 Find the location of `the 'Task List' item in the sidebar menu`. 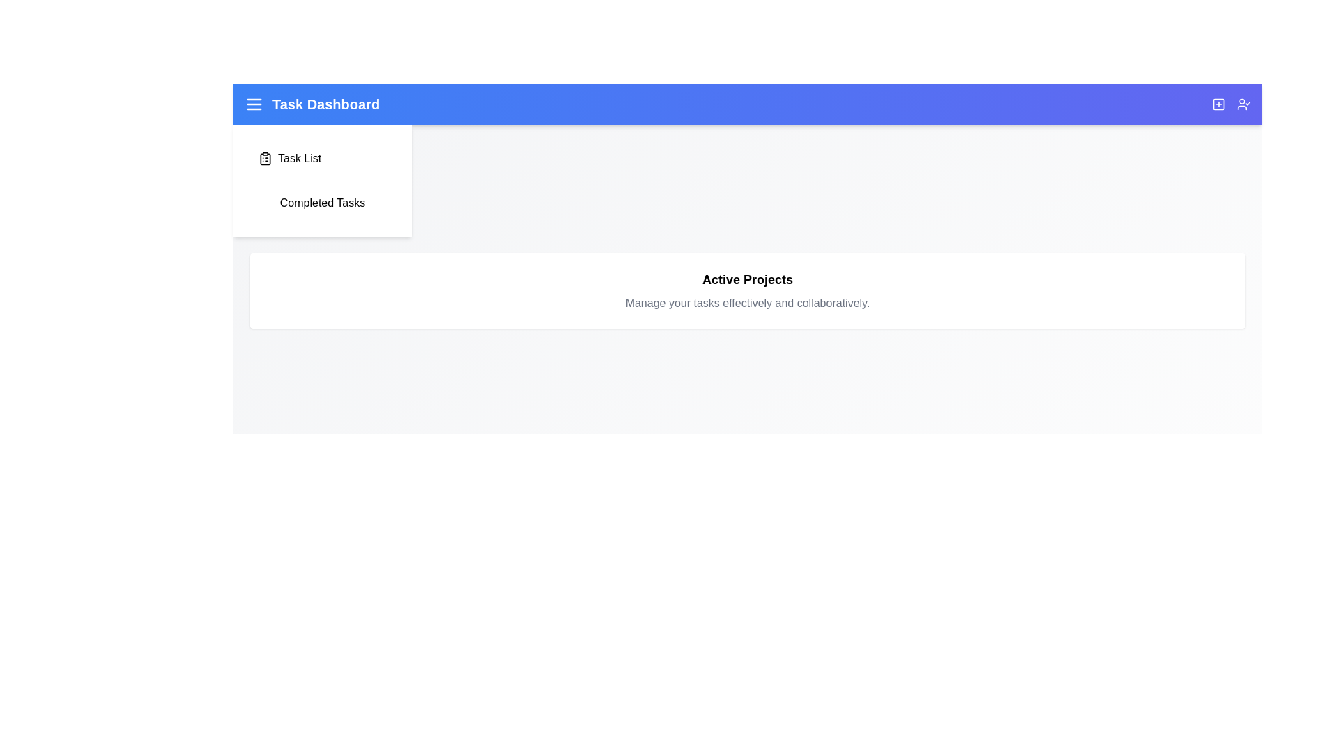

the 'Task List' item in the sidebar menu is located at coordinates (321, 157).